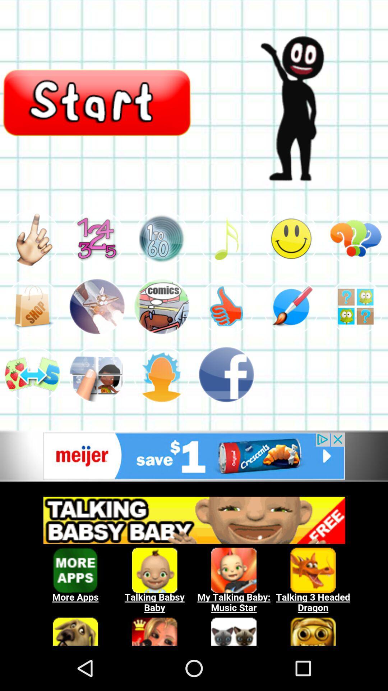  I want to click on the help icon, so click(356, 255).